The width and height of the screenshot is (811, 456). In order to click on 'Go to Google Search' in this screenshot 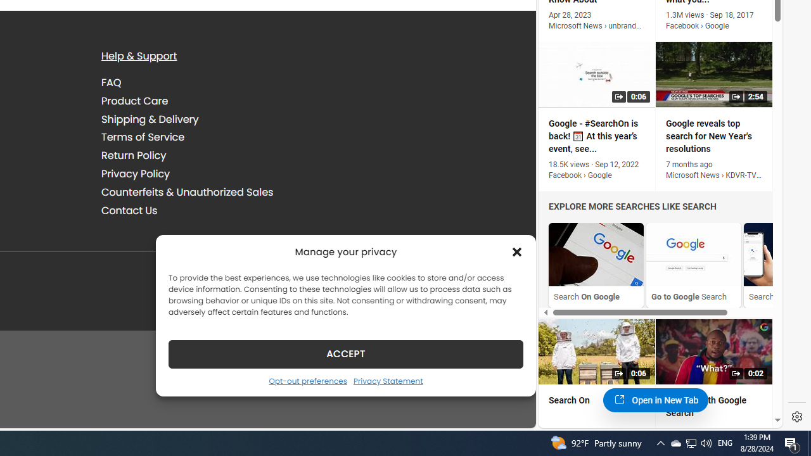, I will do `click(693, 254)`.